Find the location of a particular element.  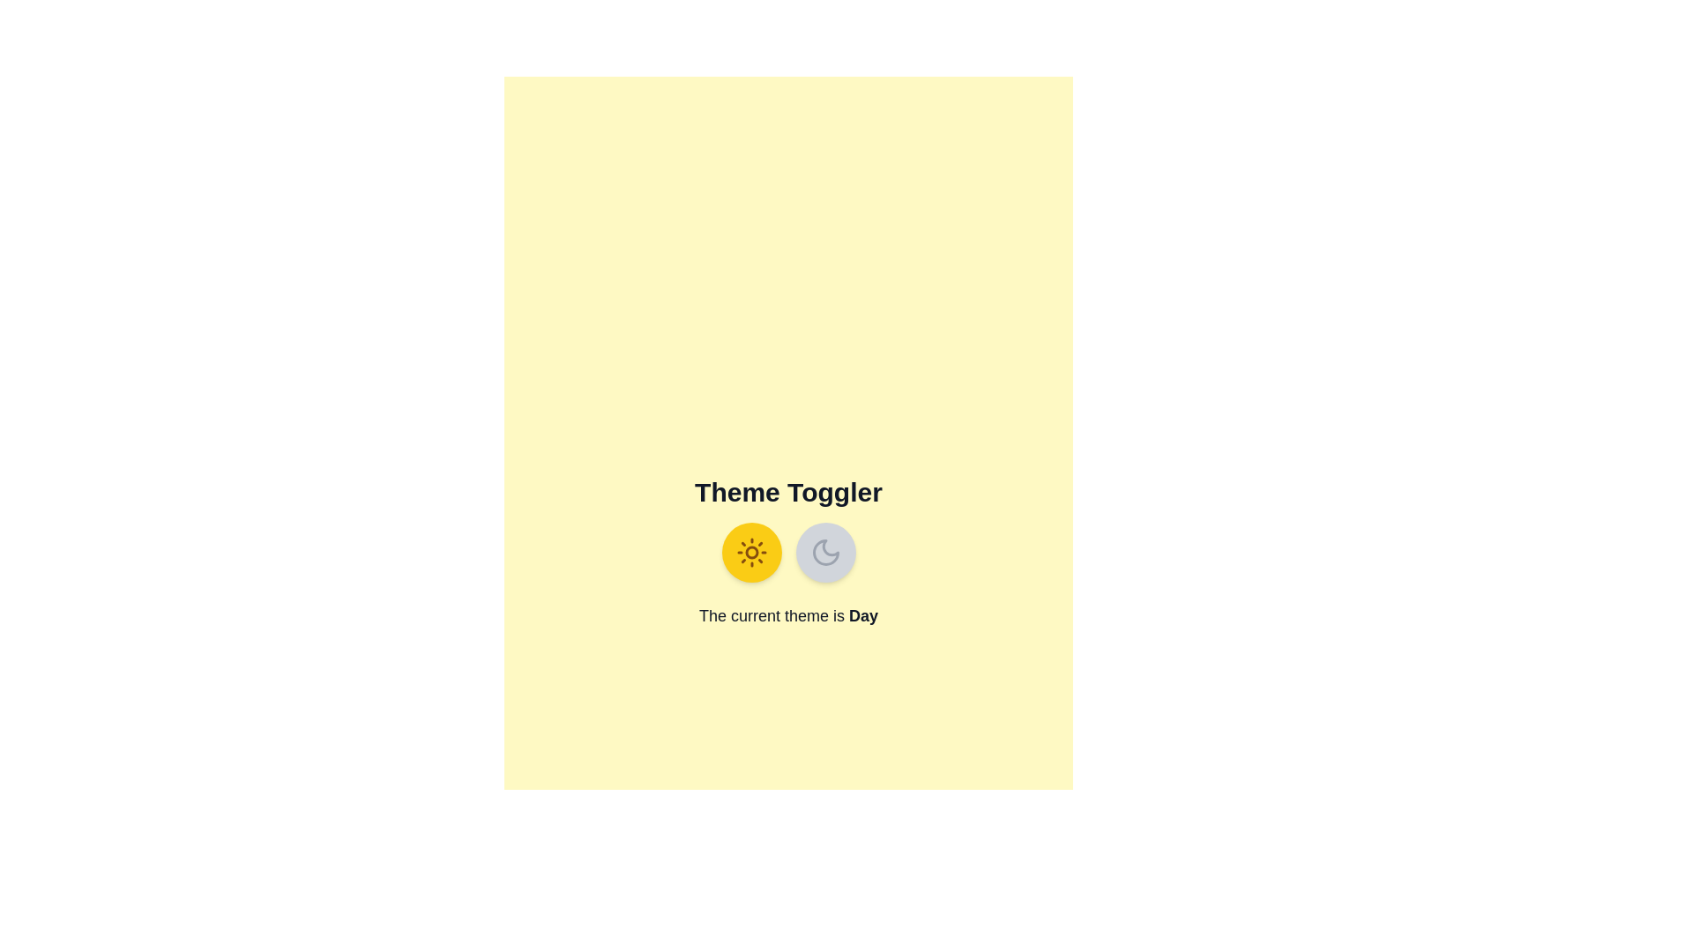

the 'Day' button to set the theme to day mode is located at coordinates (751, 552).